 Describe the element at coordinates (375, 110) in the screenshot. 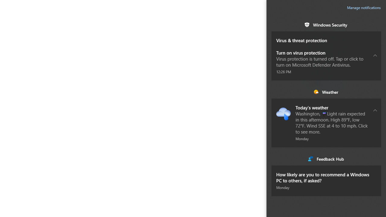

I see `'Collapse this notification'` at that location.